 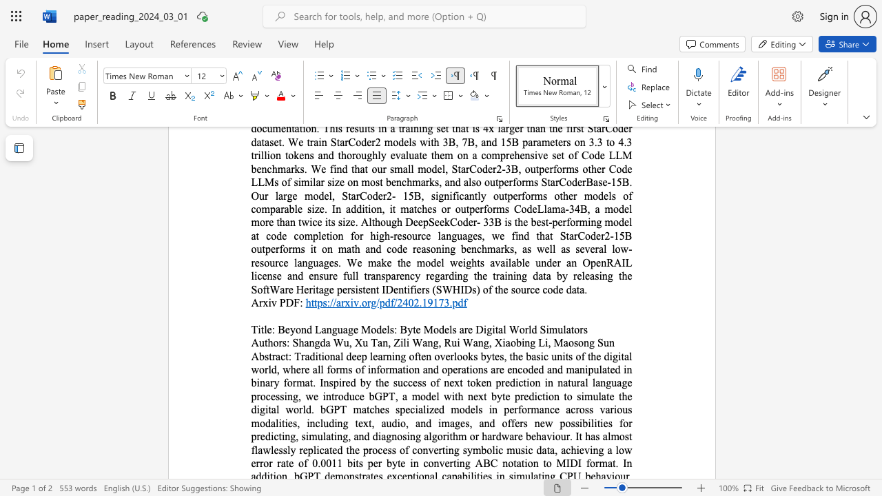 I want to click on the subset text "str" within the text "Abstract:", so click(x=265, y=355).